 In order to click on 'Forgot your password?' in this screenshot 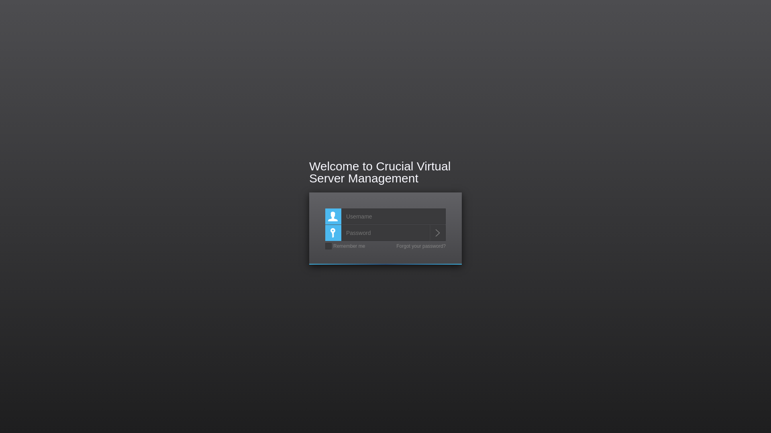, I will do `click(420, 245)`.